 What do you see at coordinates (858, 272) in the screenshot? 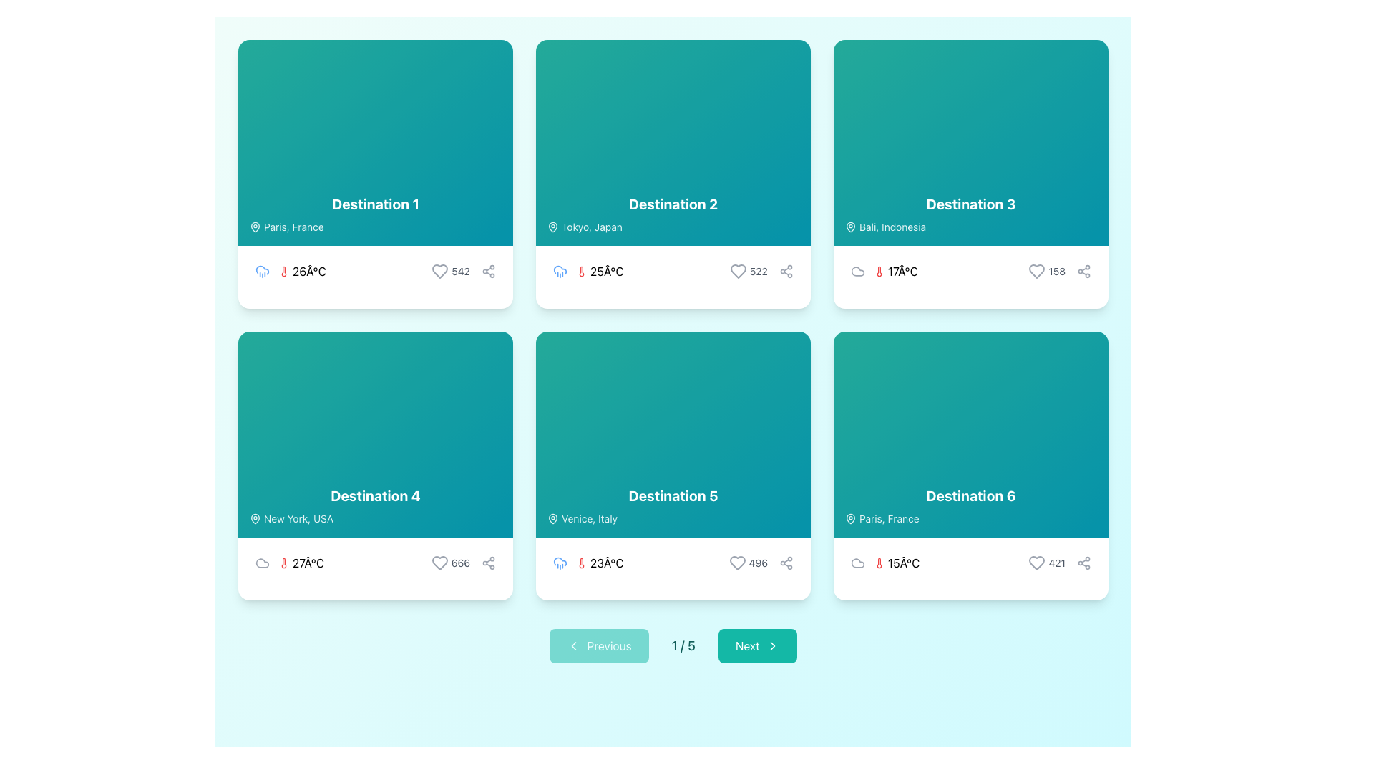
I see `the visual information of the cloud-shaped outline icon located near the temperature data for 'Destination 3' in the lower section of the card` at bounding box center [858, 272].